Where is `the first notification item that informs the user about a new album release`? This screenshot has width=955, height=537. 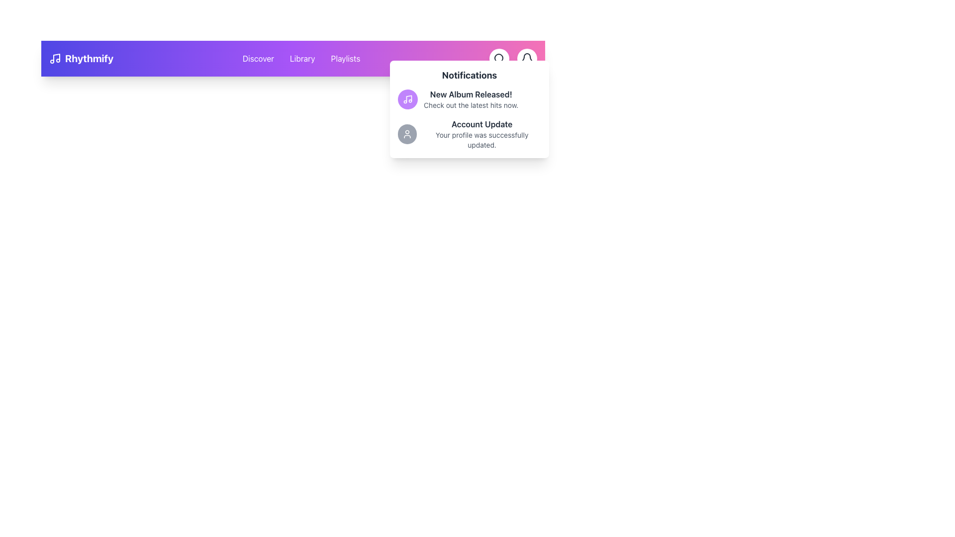
the first notification item that informs the user about a new album release is located at coordinates (469, 99).